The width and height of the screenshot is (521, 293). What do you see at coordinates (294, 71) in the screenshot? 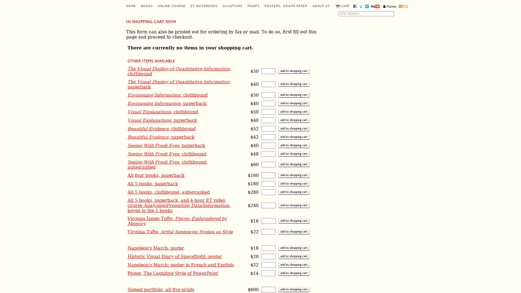
I see `add to shopping cart` at bounding box center [294, 71].